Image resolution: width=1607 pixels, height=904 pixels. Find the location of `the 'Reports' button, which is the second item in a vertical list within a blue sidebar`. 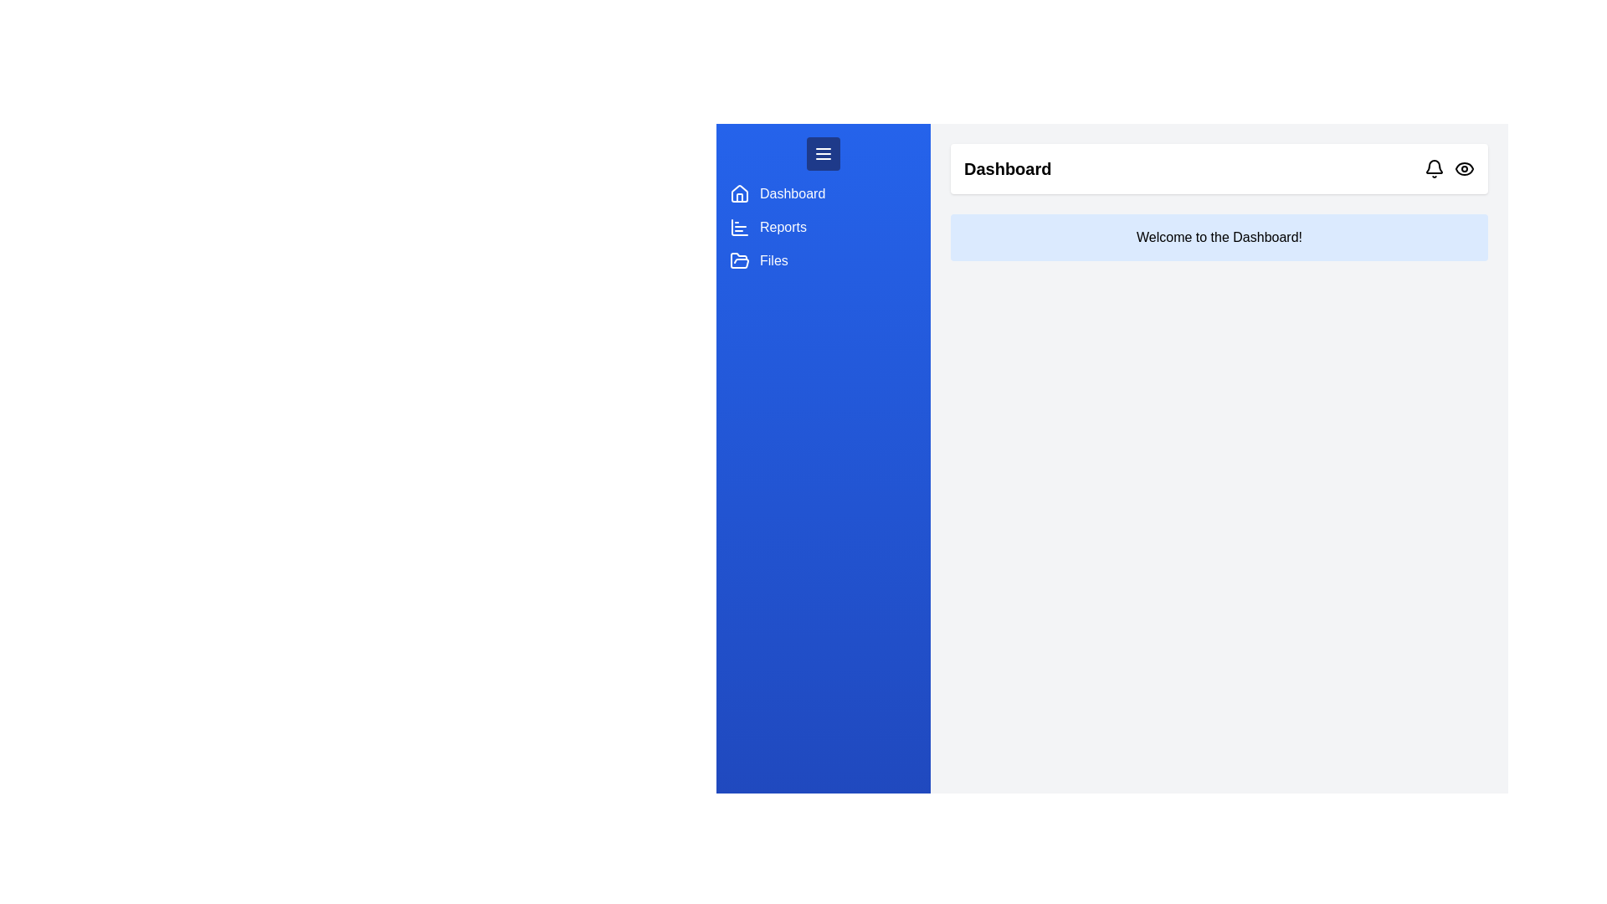

the 'Reports' button, which is the second item in a vertical list within a blue sidebar is located at coordinates (823, 228).